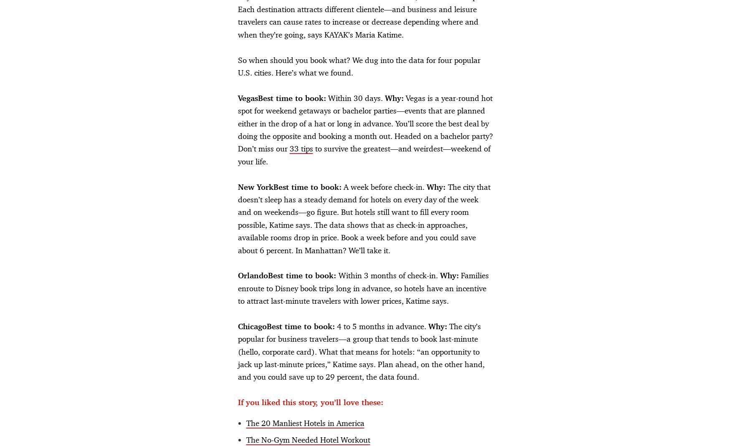  Describe the element at coordinates (159, 303) in the screenshot. I see `'About Men's Health'` at that location.